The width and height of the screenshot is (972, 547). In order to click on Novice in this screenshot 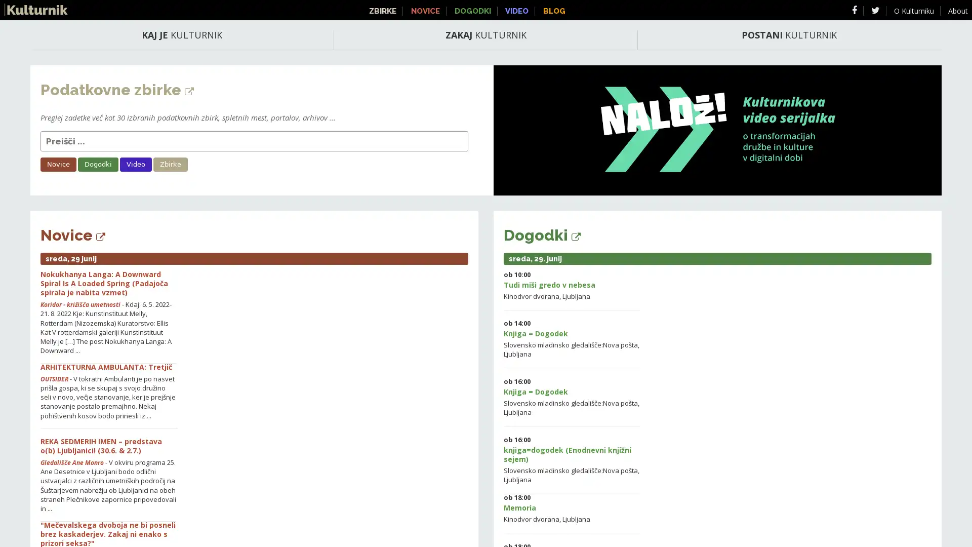, I will do `click(58, 164)`.